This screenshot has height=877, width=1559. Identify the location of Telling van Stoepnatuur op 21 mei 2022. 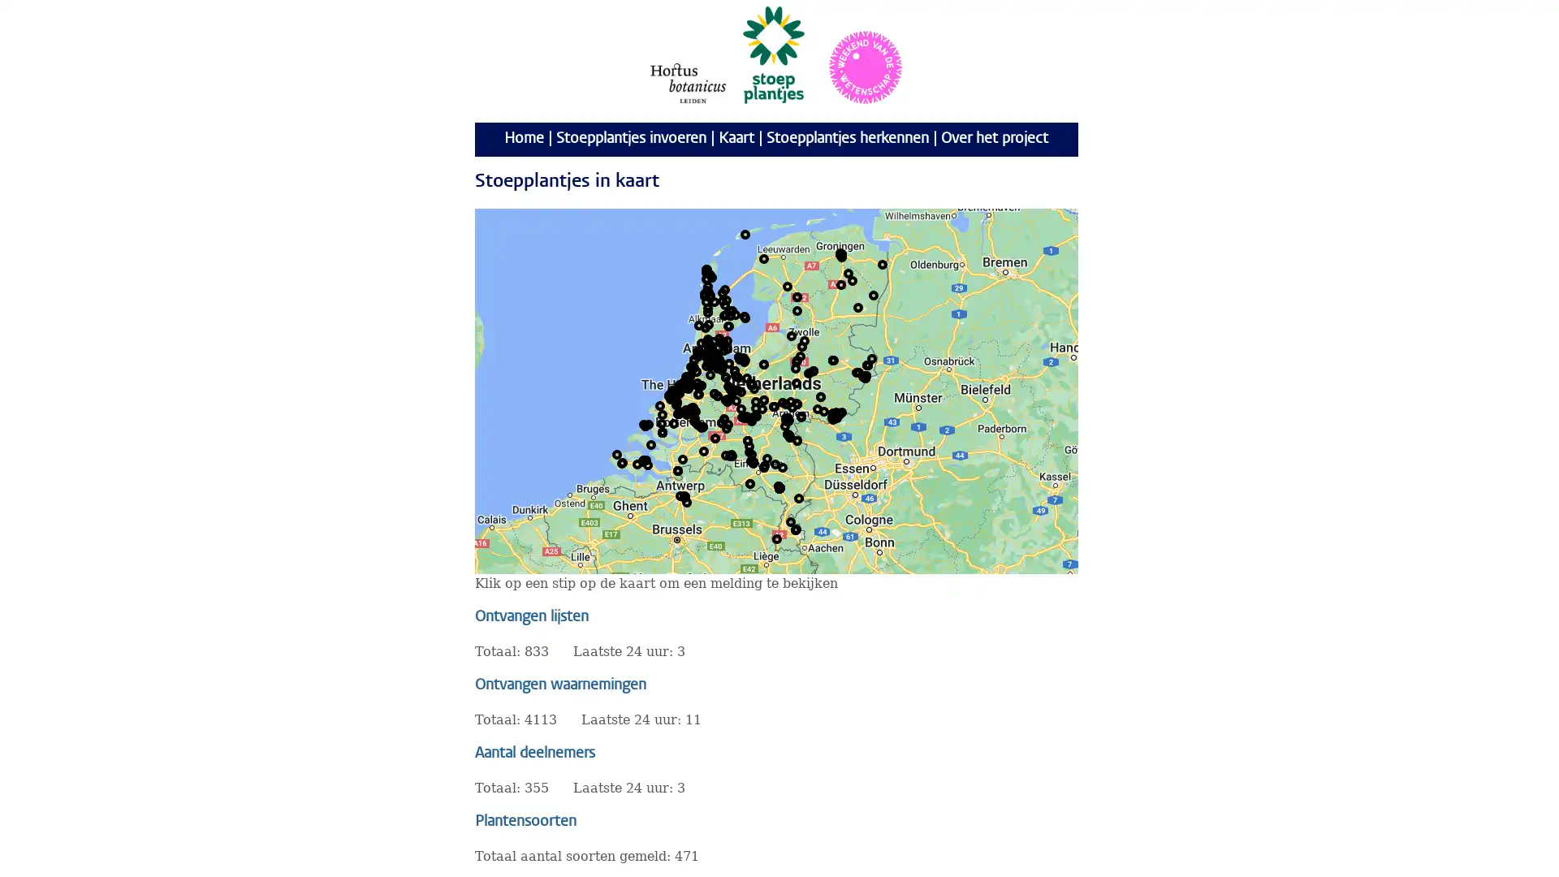
(684, 386).